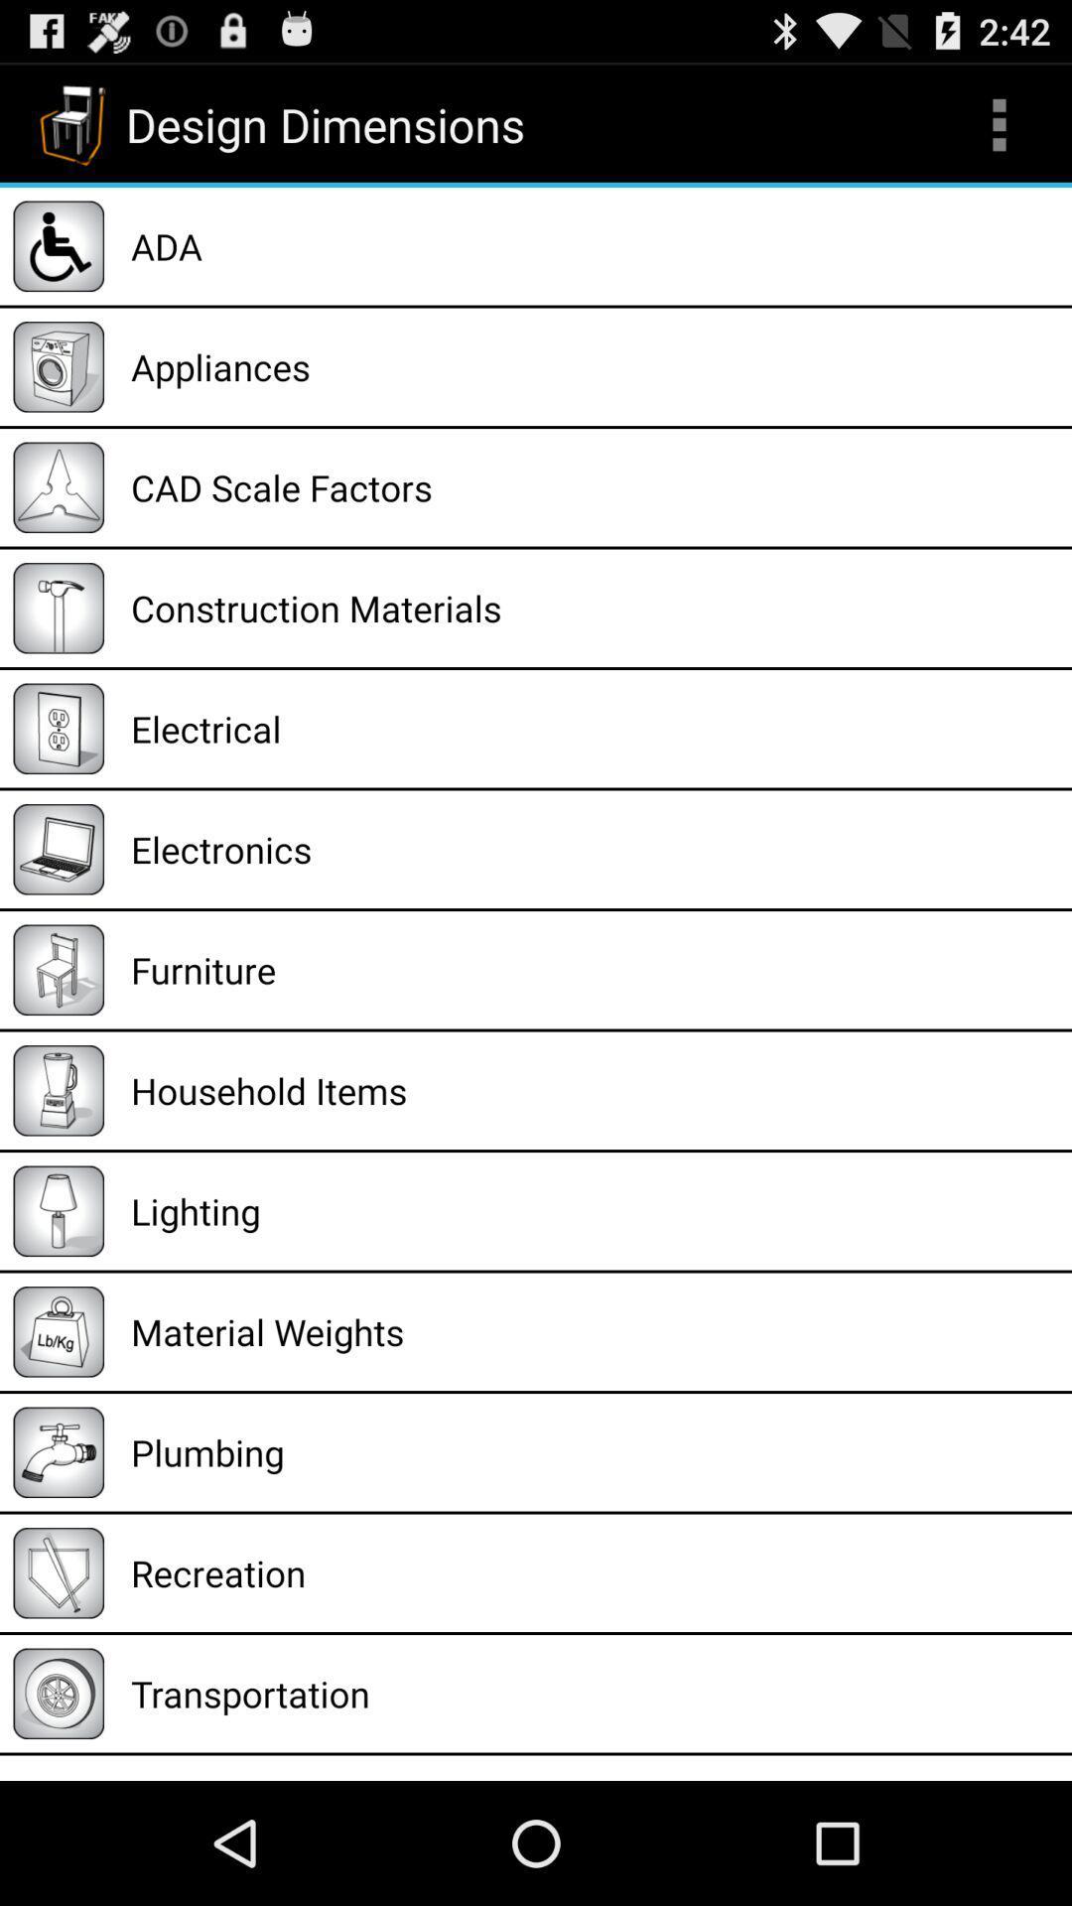  I want to click on electronics item, so click(594, 849).